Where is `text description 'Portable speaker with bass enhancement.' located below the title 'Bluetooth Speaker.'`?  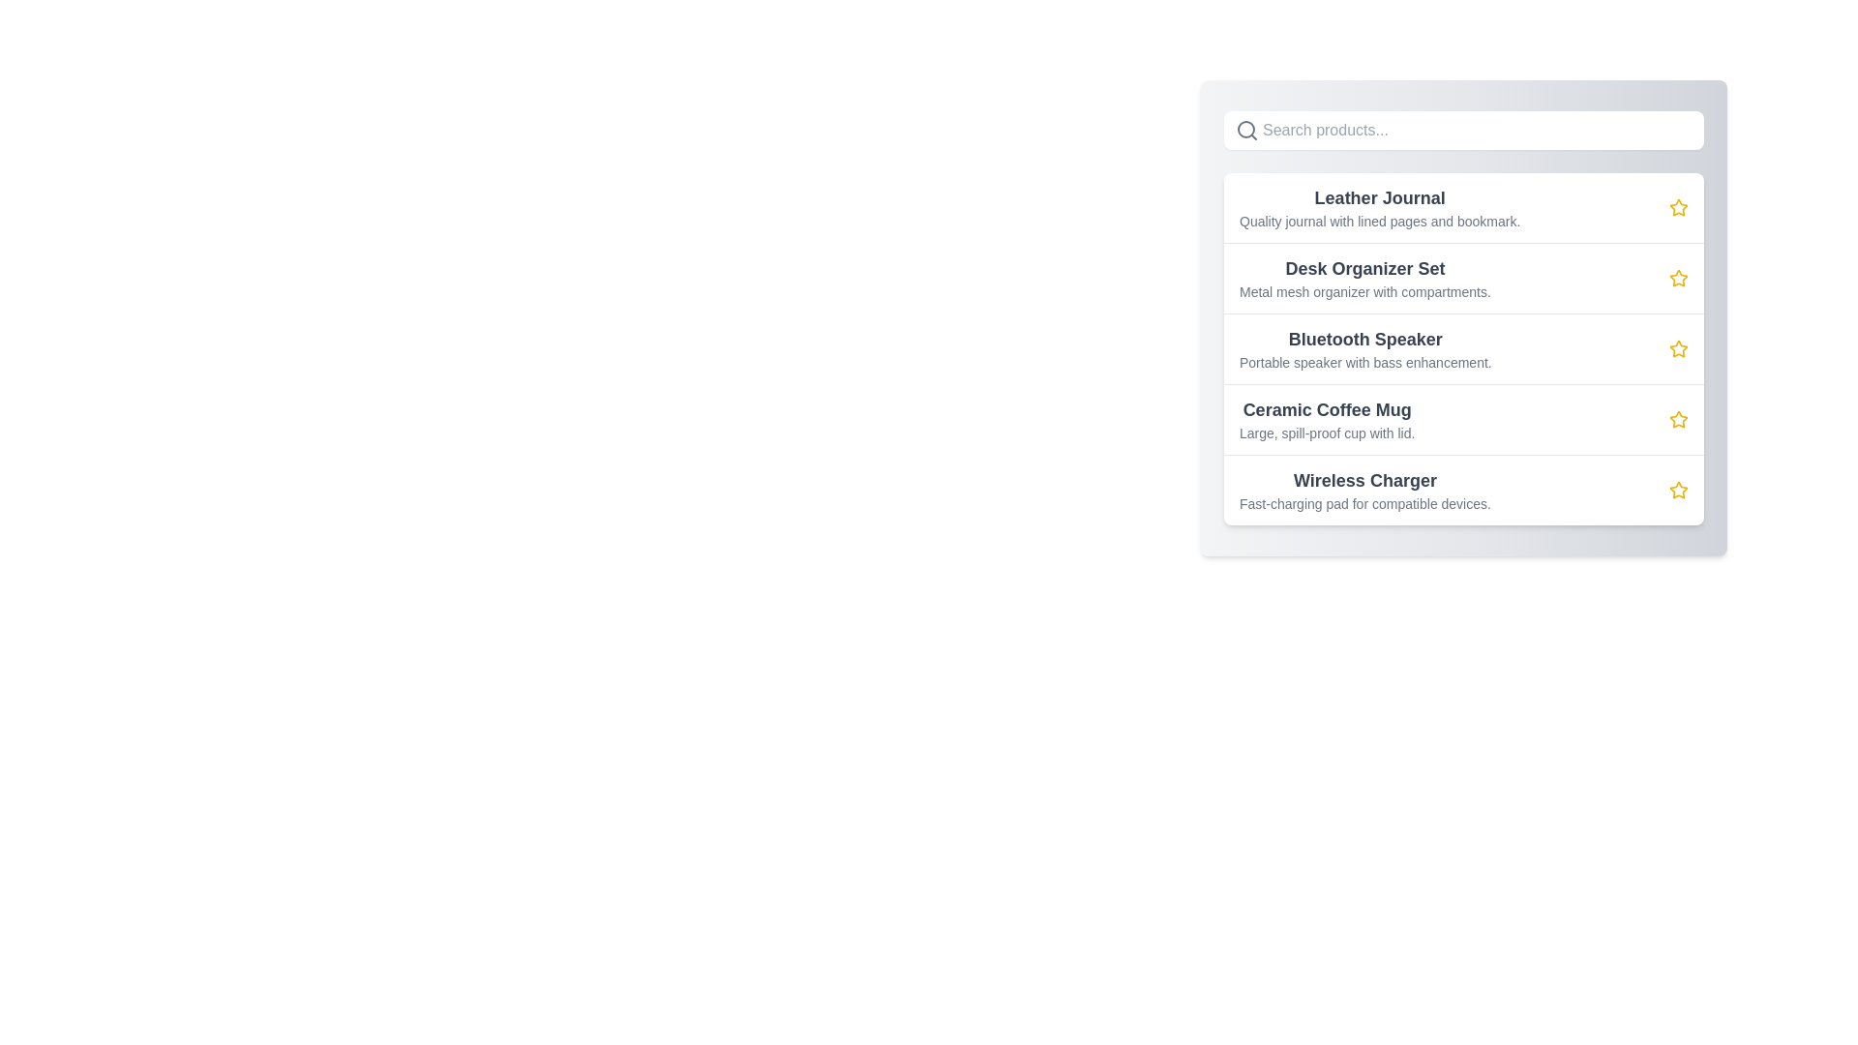
text description 'Portable speaker with bass enhancement.' located below the title 'Bluetooth Speaker.' is located at coordinates (1364, 362).